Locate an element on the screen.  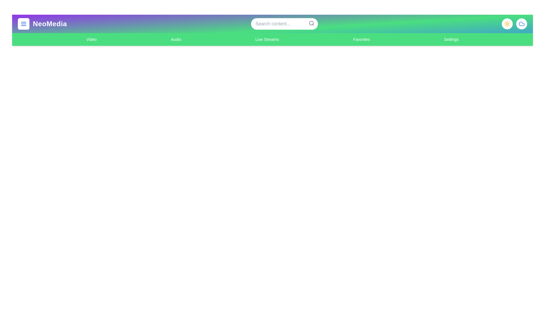
the navigation link labeled Live Streams is located at coordinates (267, 39).